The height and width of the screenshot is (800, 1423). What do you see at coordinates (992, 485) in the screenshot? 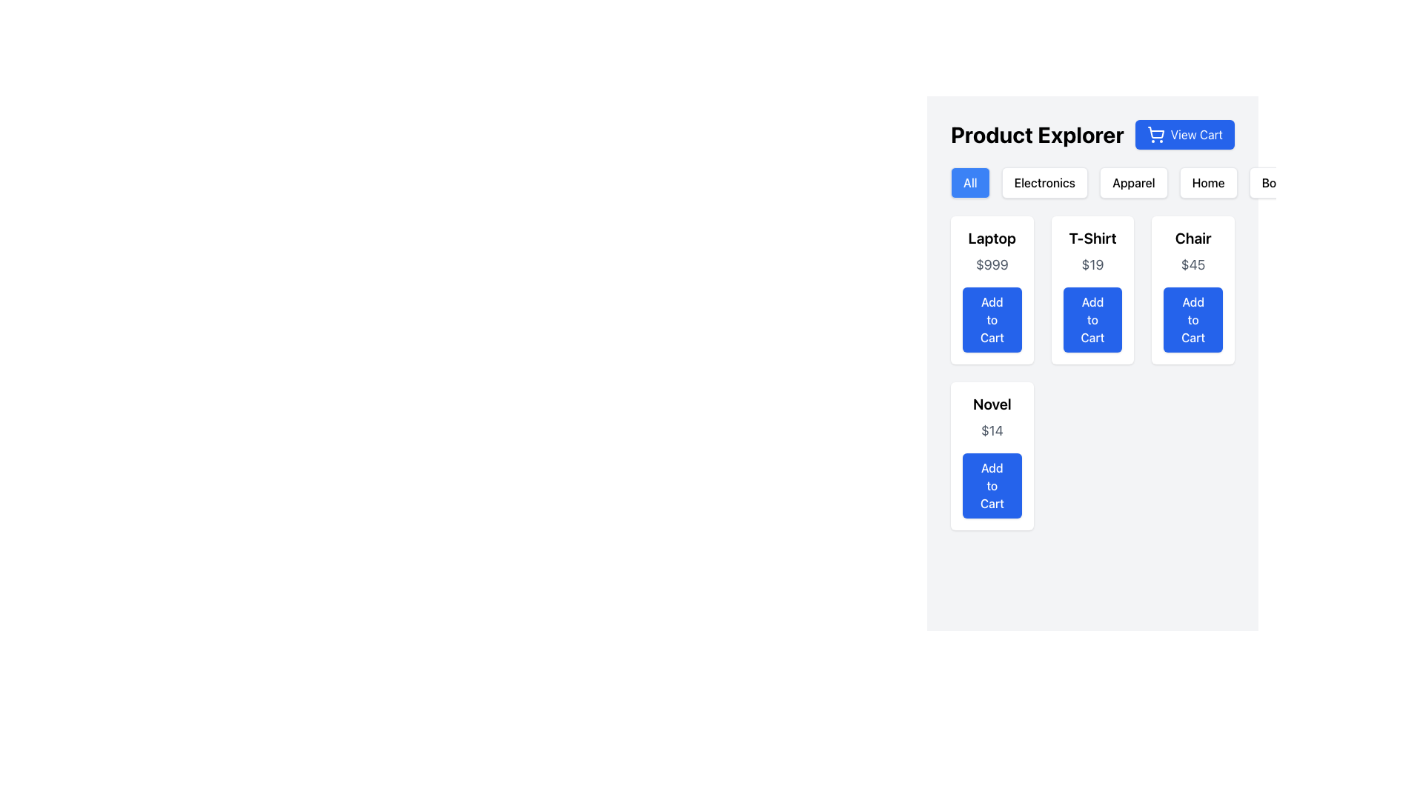
I see `the 'Add to Cart' button for the product 'Novel'` at bounding box center [992, 485].